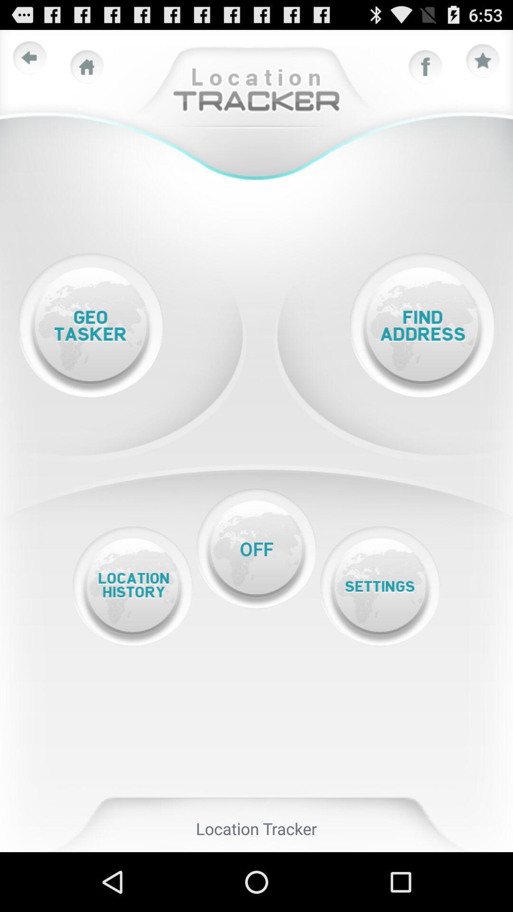  Describe the element at coordinates (483, 65) in the screenshot. I see `the star icon` at that location.